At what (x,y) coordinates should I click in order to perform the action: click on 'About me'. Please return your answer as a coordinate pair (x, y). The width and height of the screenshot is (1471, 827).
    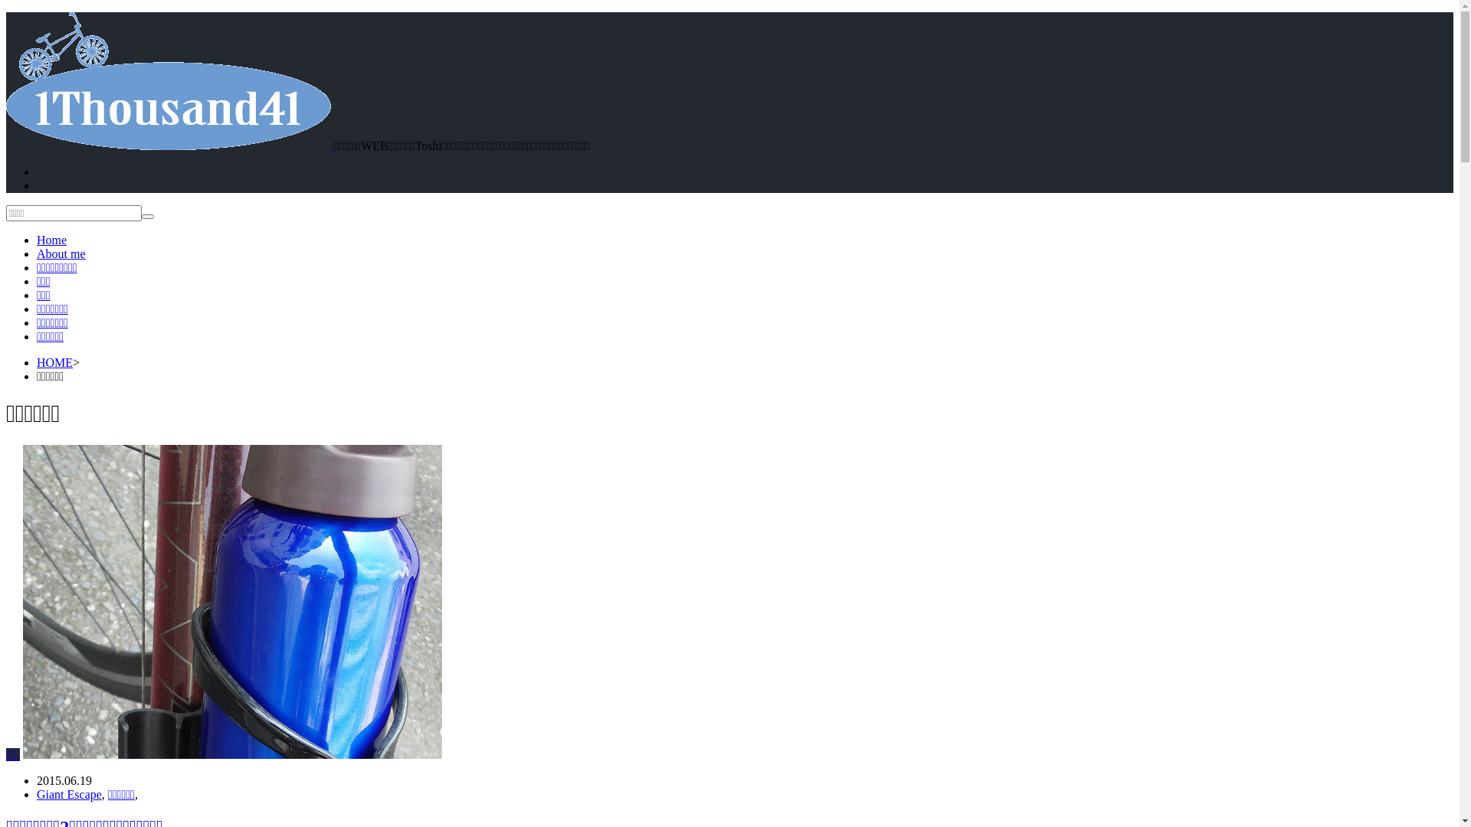
    Looking at the image, I should click on (37, 253).